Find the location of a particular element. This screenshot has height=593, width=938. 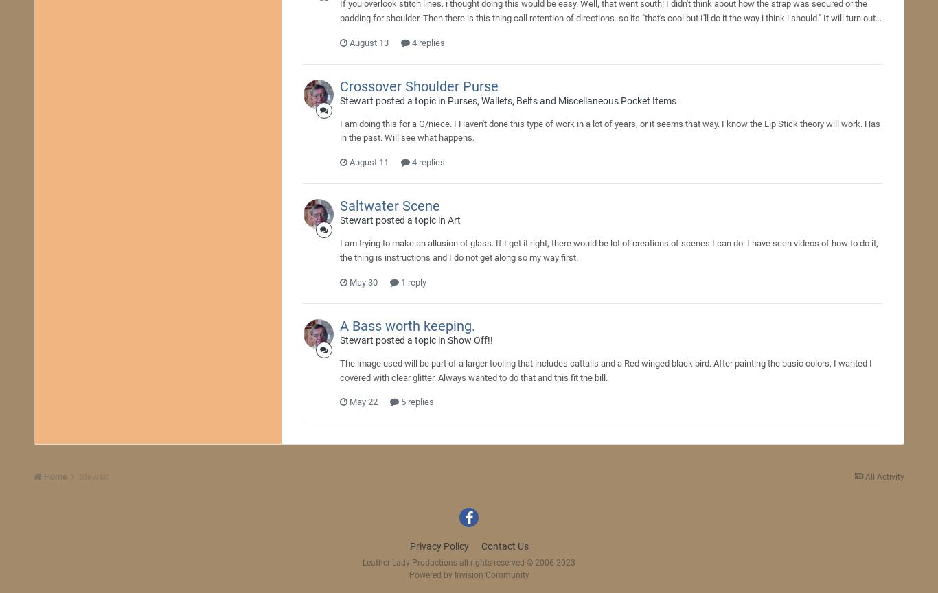

'Powered by Invision Community' is located at coordinates (468, 574).